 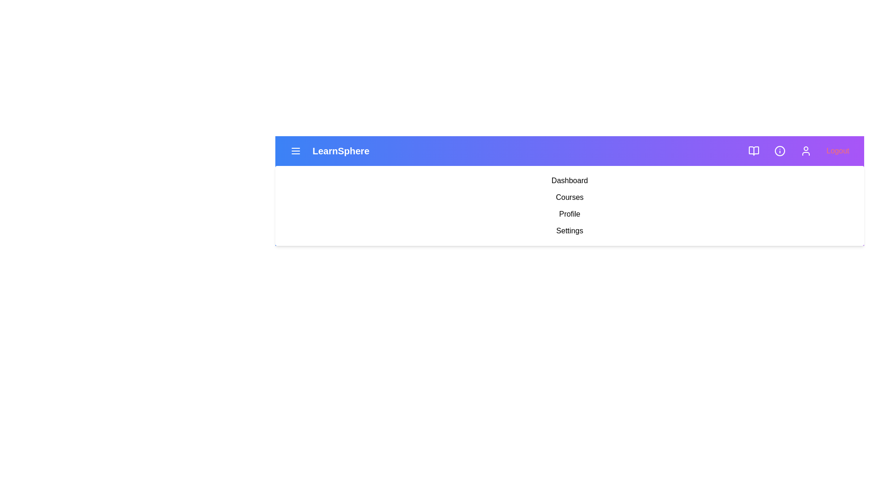 I want to click on the header text 'LearnSphere', so click(x=340, y=150).